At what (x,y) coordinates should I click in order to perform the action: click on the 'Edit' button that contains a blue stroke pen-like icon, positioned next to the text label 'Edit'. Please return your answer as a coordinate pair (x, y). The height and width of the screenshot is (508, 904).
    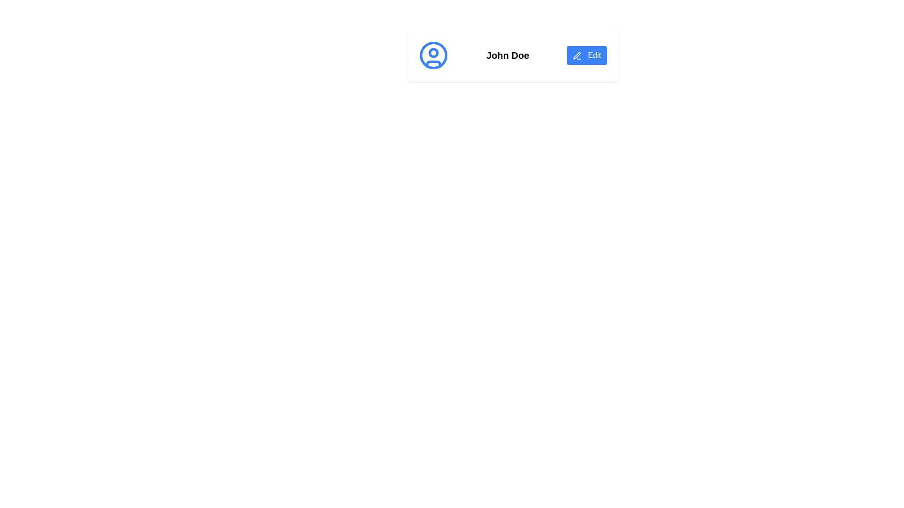
    Looking at the image, I should click on (577, 56).